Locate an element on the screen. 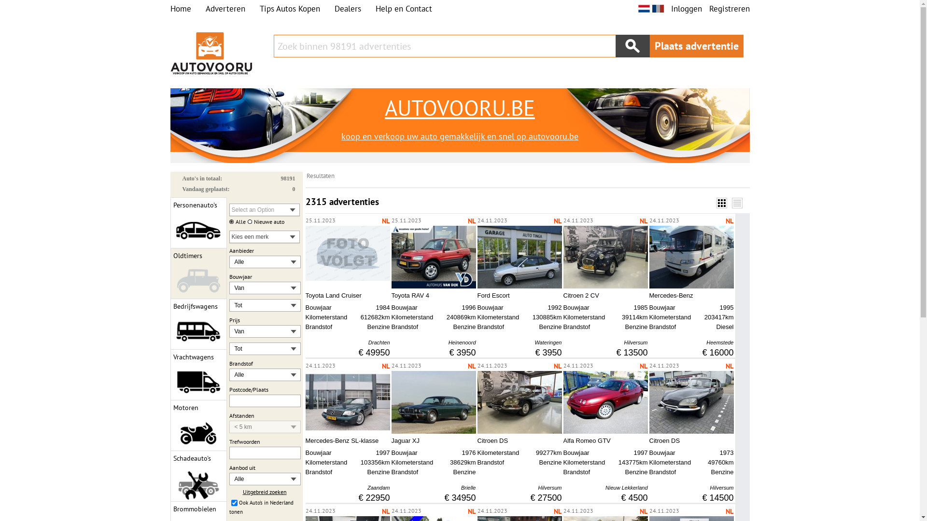  'Dealers' is located at coordinates (347, 9).